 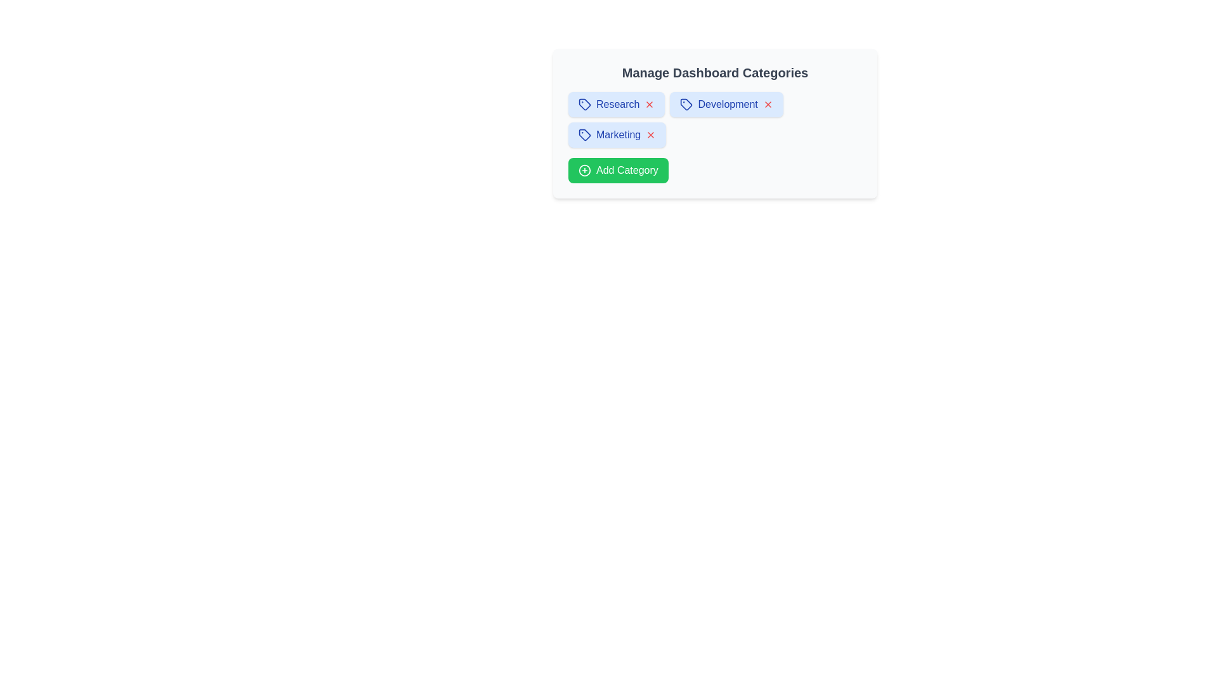 I want to click on the text of the category chip labeled Marketing to highlight it, so click(x=619, y=134).